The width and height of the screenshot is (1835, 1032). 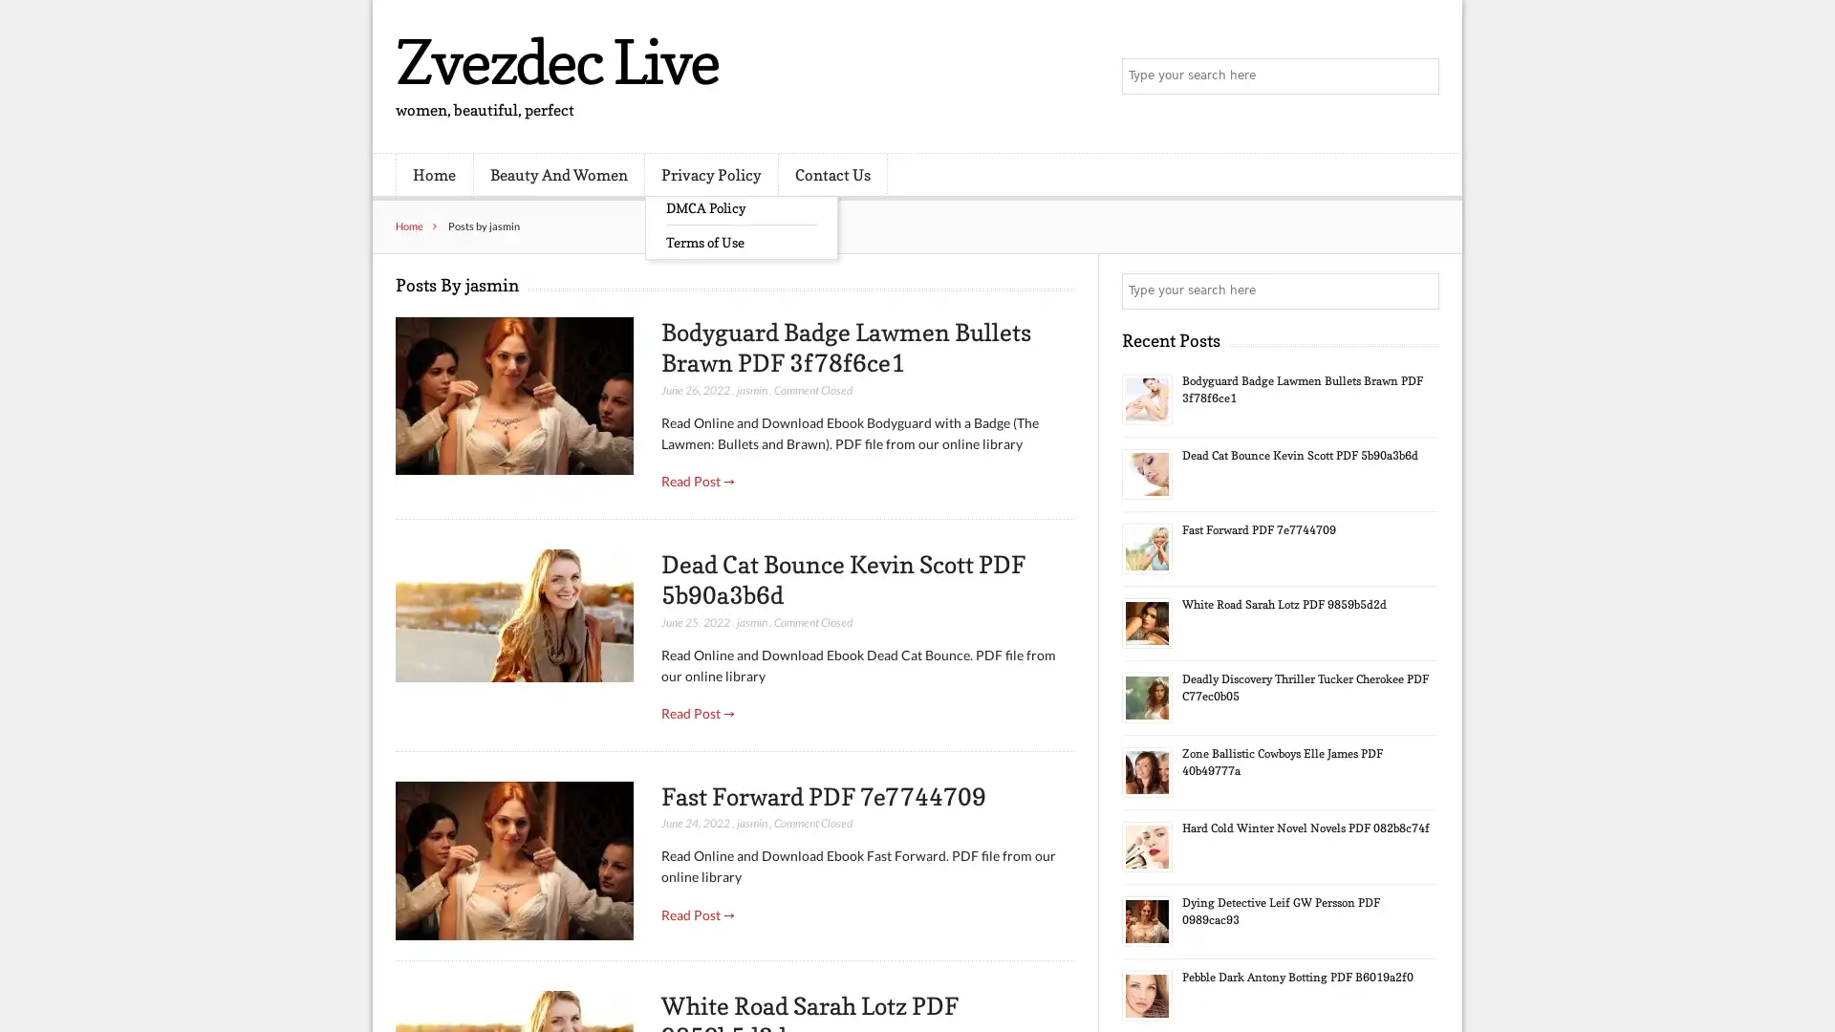 I want to click on Search, so click(x=1419, y=76).